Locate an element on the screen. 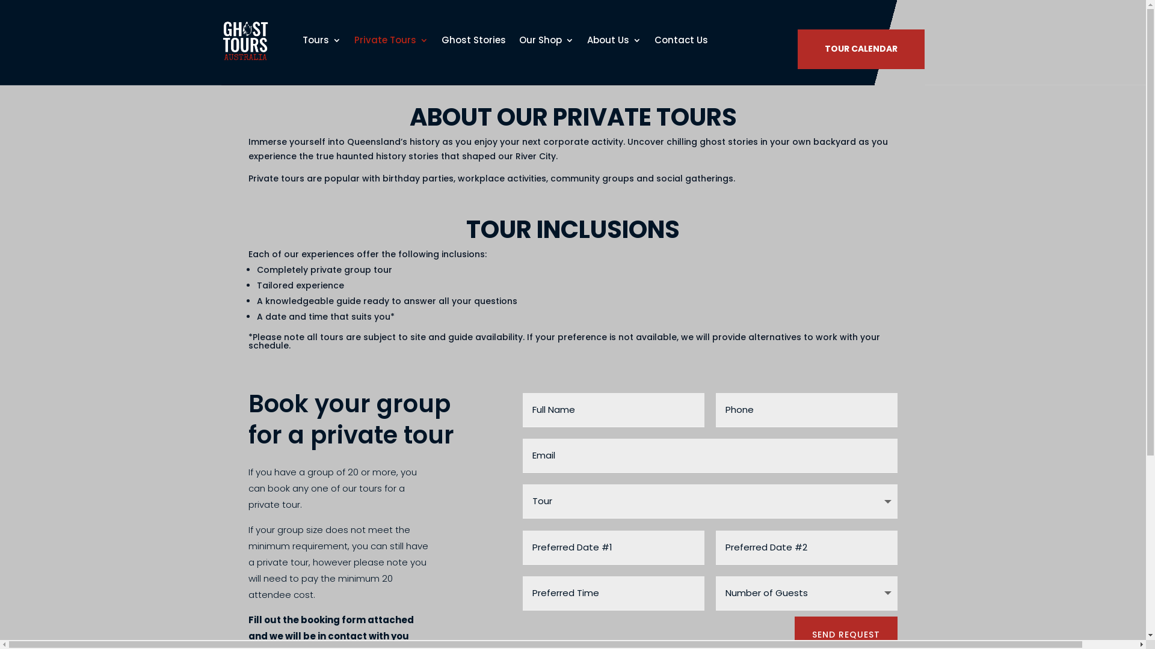 The height and width of the screenshot is (649, 1155). 'Private Tours' is located at coordinates (390, 39).